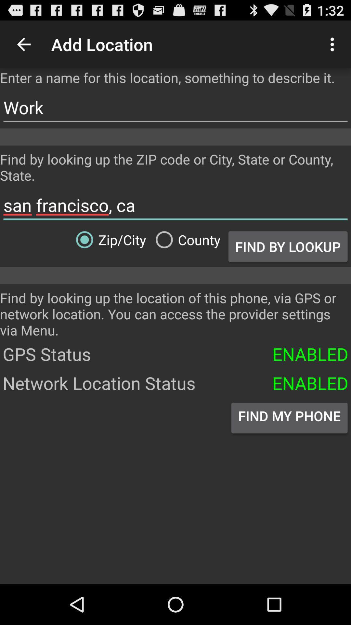 The width and height of the screenshot is (351, 625). What do you see at coordinates (334, 44) in the screenshot?
I see `icon above the enter a name item` at bounding box center [334, 44].